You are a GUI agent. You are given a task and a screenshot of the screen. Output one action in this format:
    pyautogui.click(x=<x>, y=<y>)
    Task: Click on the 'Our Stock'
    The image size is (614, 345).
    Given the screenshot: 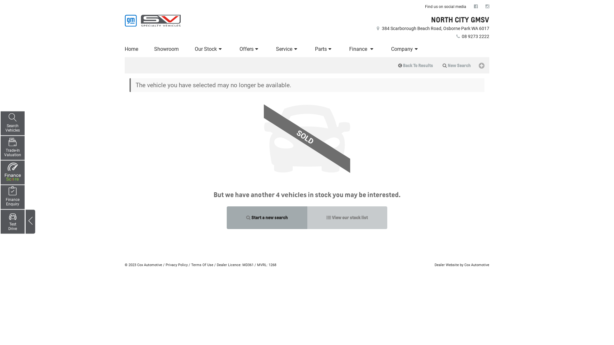 What is the action you would take?
    pyautogui.click(x=209, y=49)
    